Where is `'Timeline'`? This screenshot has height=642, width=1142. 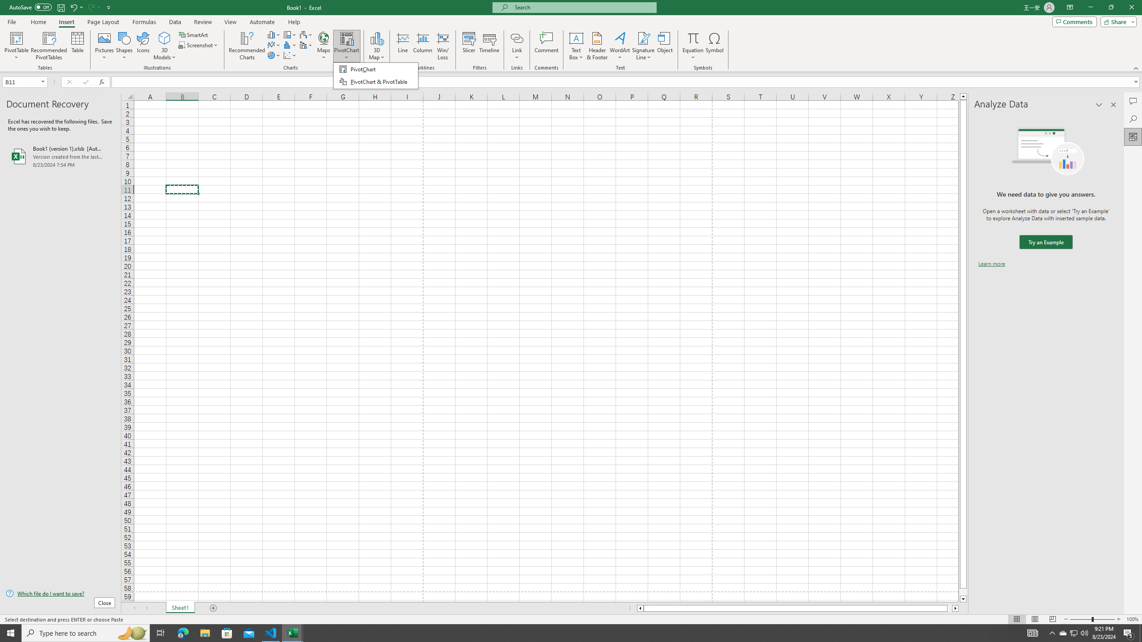 'Timeline' is located at coordinates (489, 46).